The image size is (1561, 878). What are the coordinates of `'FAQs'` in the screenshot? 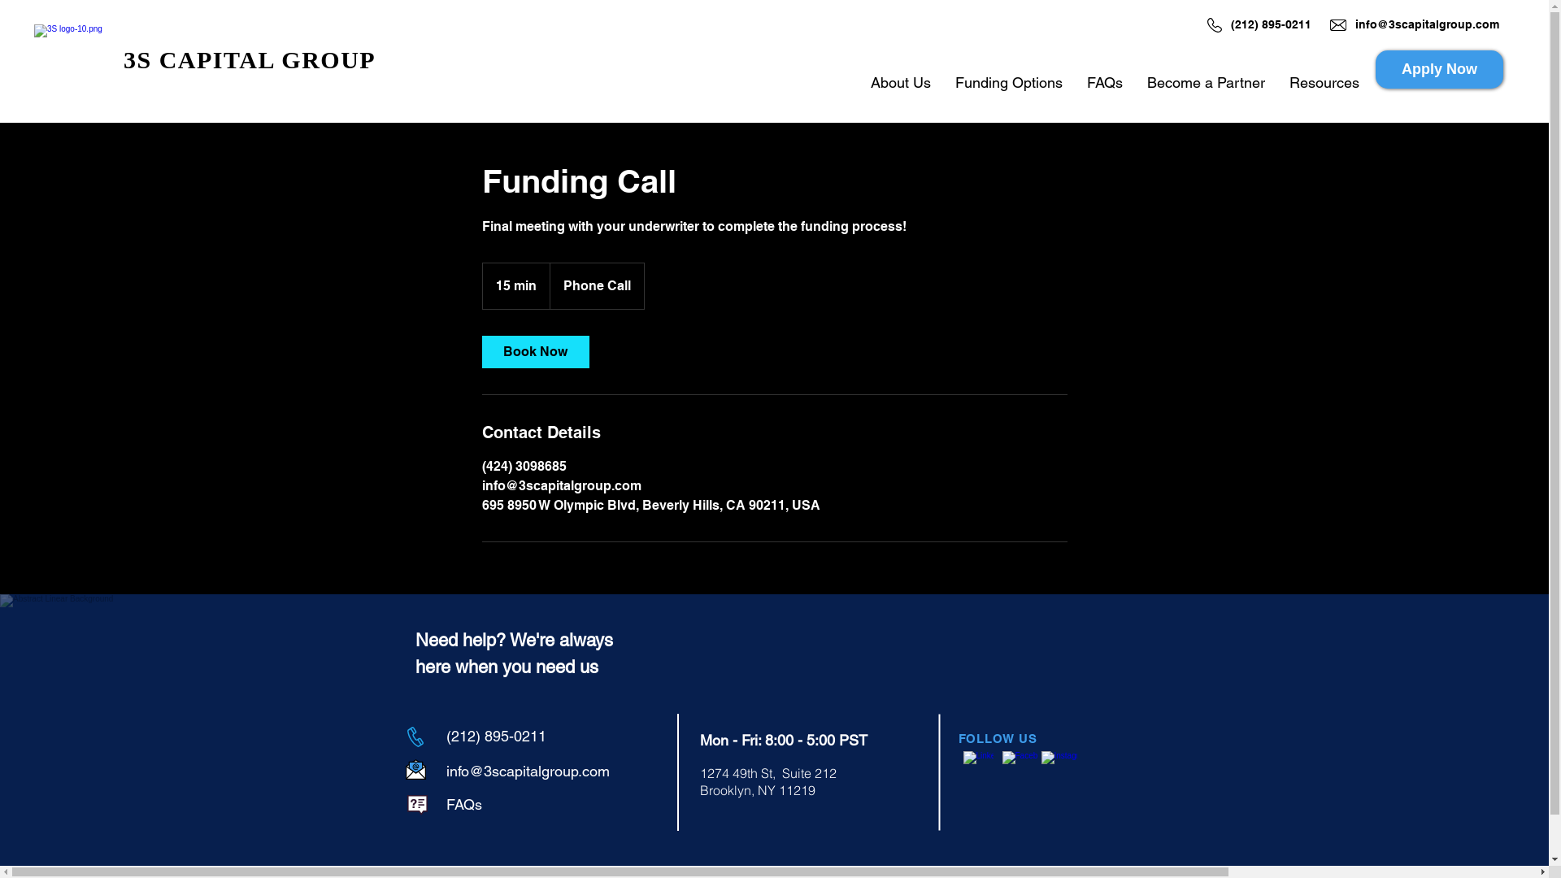 It's located at (463, 803).